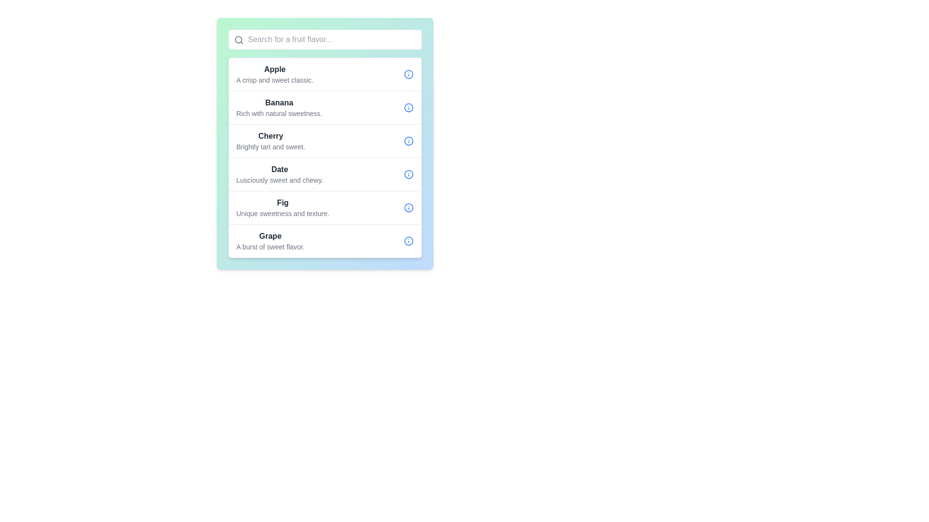  I want to click on the 'Date' label, which is the fourth item in the vertically stacked list, positioned below 'Cherry' and above 'Fig', so click(279, 174).